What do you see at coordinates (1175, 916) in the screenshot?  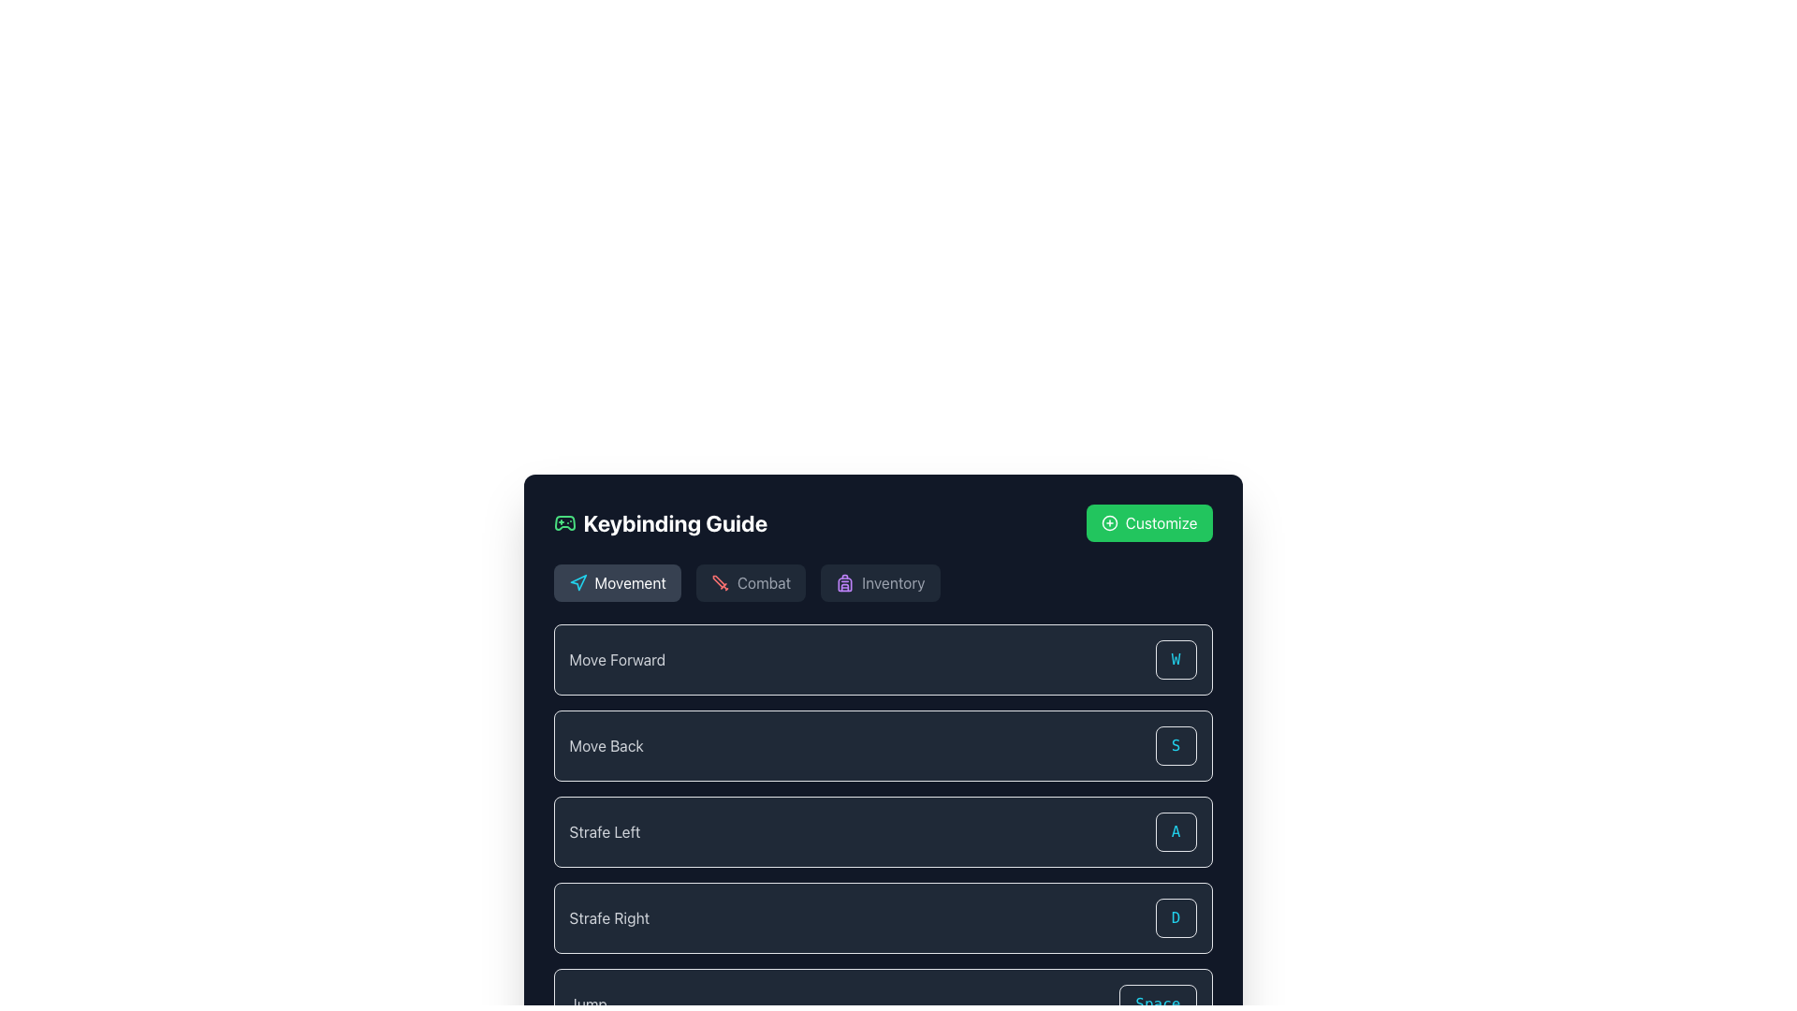 I see `the Text label displaying the letter 'D' with a cyan color, which is located to the right of the 'Strafe Right' descriptive text in the keybindings list` at bounding box center [1175, 916].